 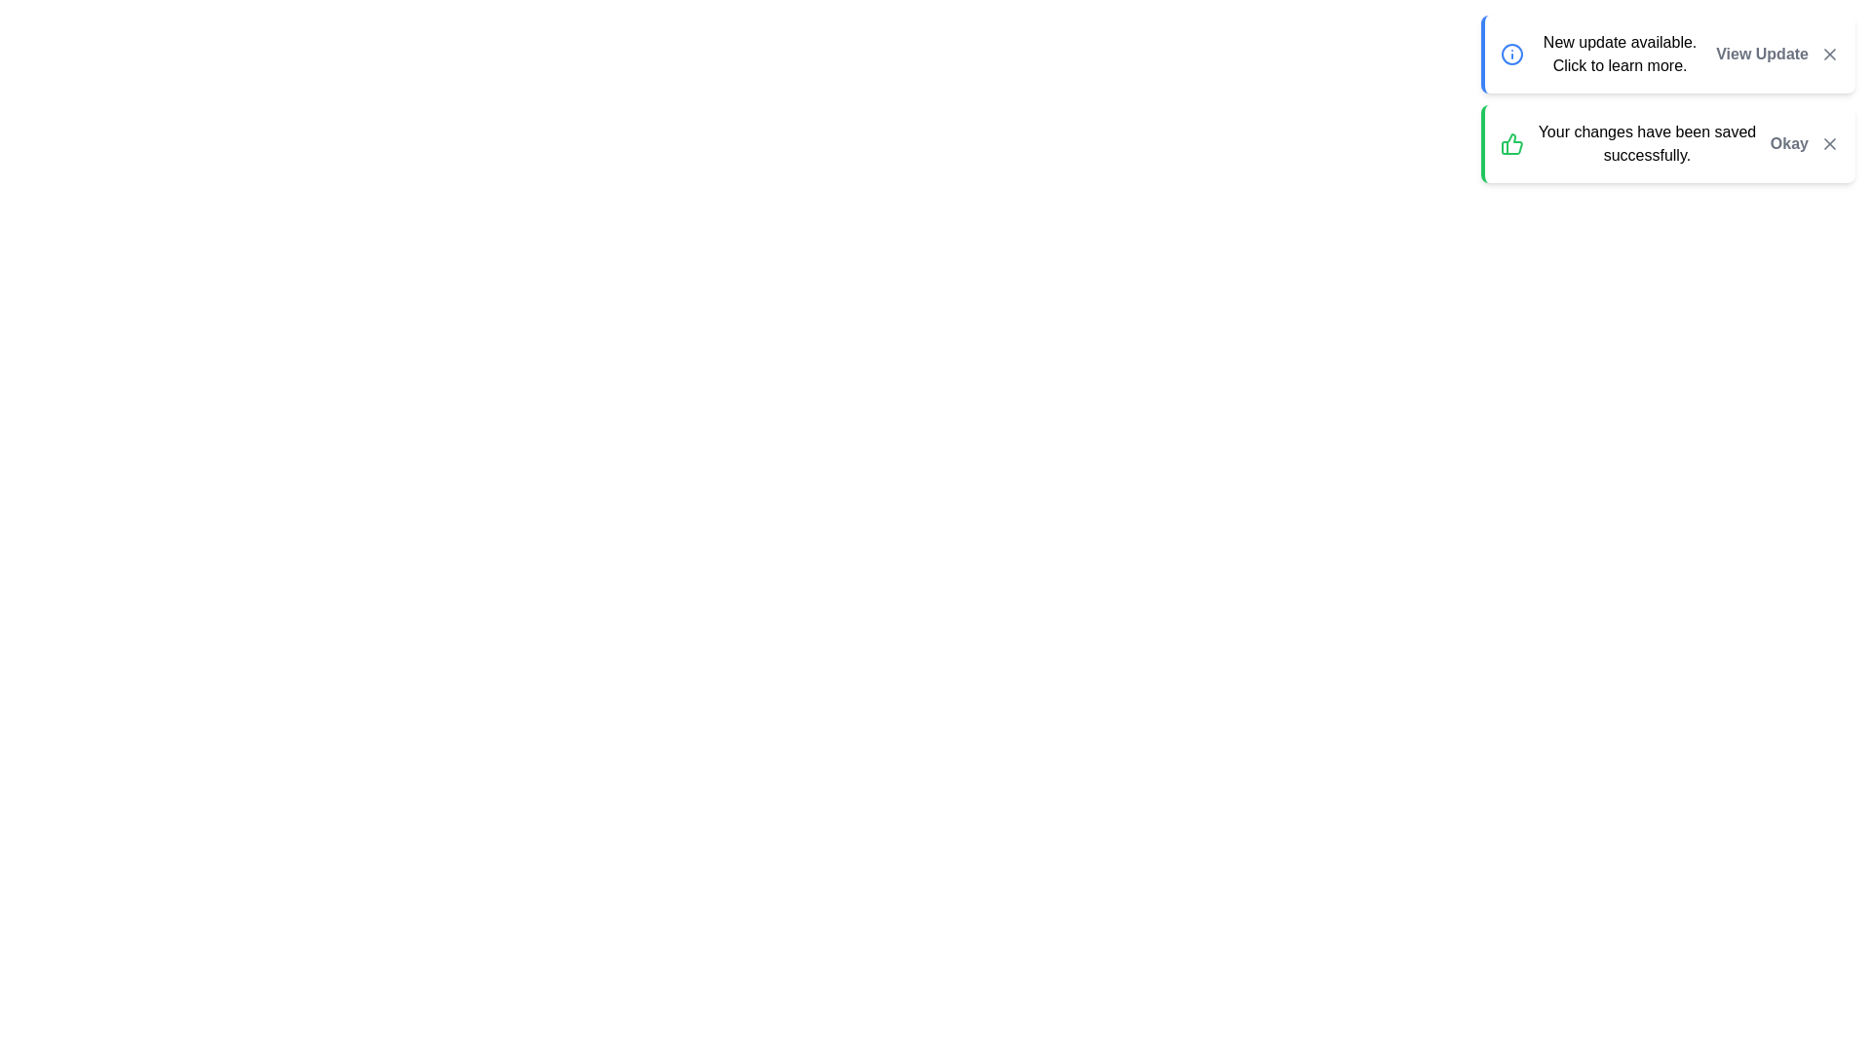 I want to click on the blue SVG circle with a radius of 10 units, located in the top-right corner of the interface, so click(x=1510, y=54).